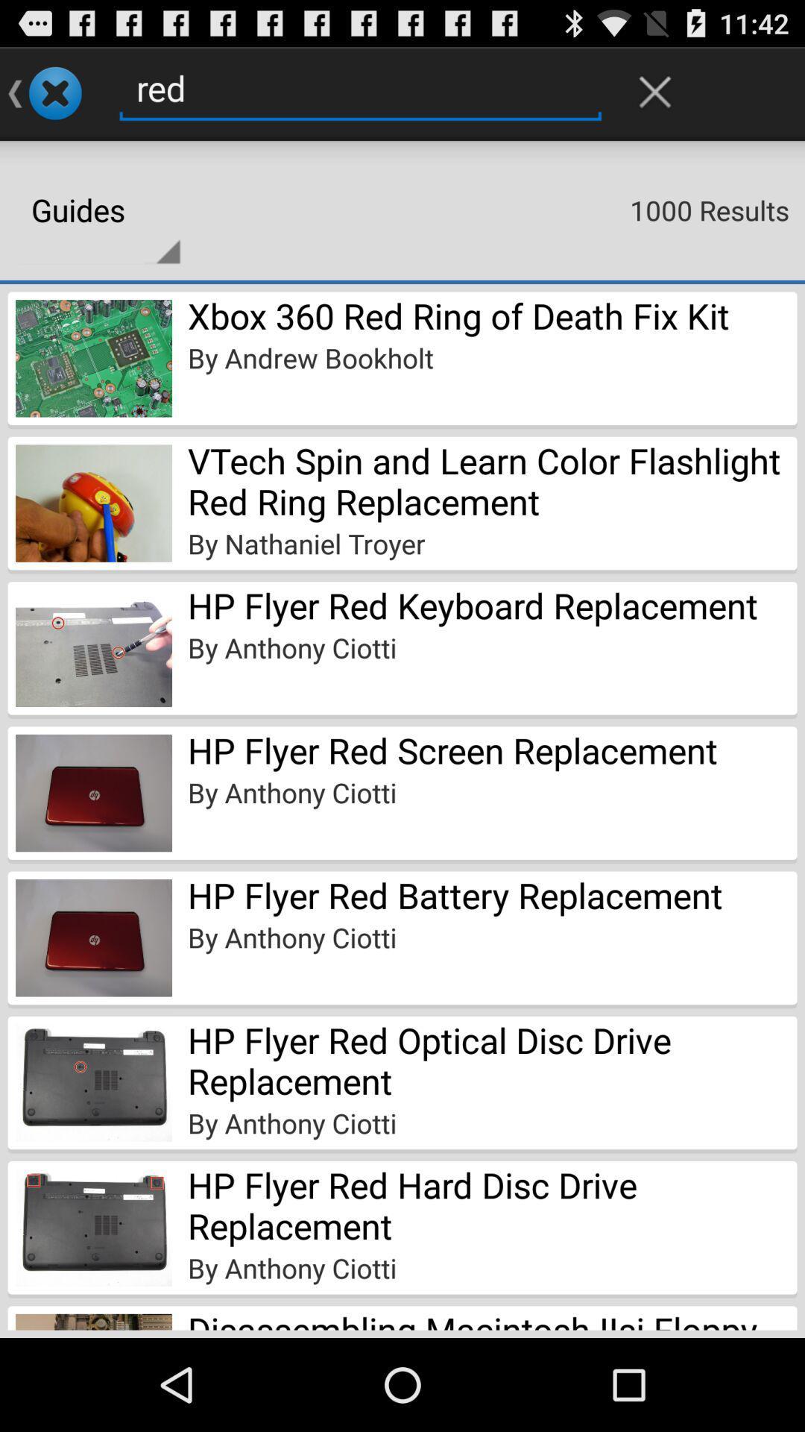 The height and width of the screenshot is (1432, 805). I want to click on app below by anthony ciotti icon, so click(492, 1318).